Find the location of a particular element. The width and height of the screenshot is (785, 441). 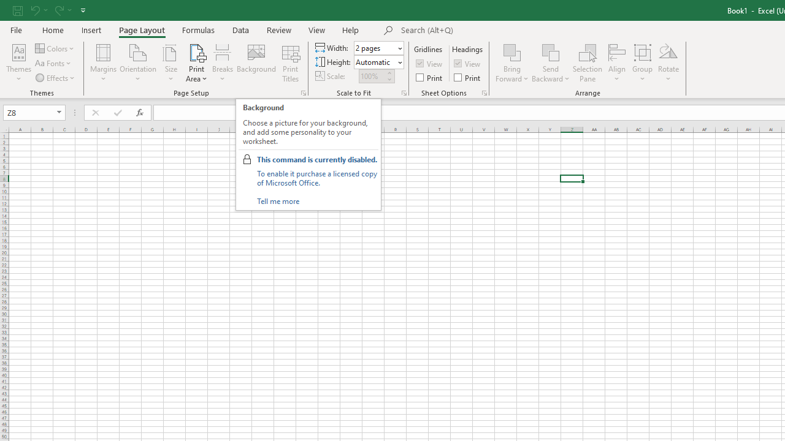

'Colors' is located at coordinates (55, 48).